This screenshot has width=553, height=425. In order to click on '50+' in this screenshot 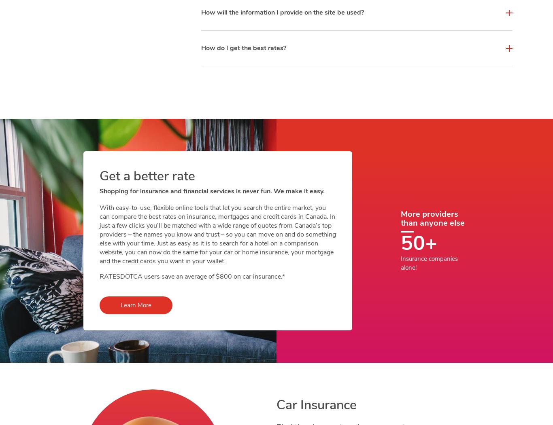, I will do `click(419, 243)`.